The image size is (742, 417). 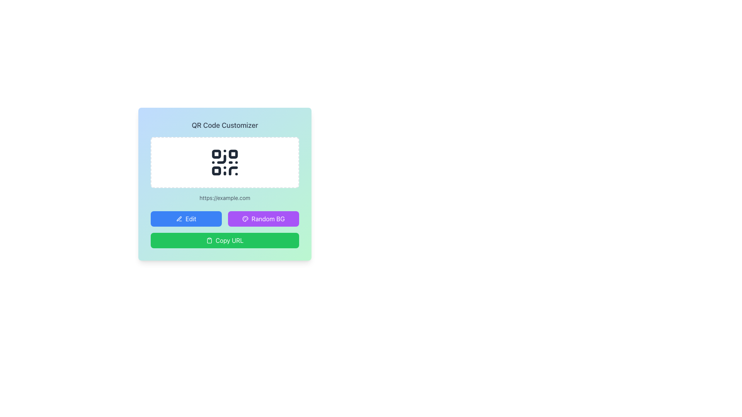 What do you see at coordinates (263, 219) in the screenshot?
I see `the button that randomizes or selects a background color/design for the QR Code, located in the second column below the QR Code image` at bounding box center [263, 219].